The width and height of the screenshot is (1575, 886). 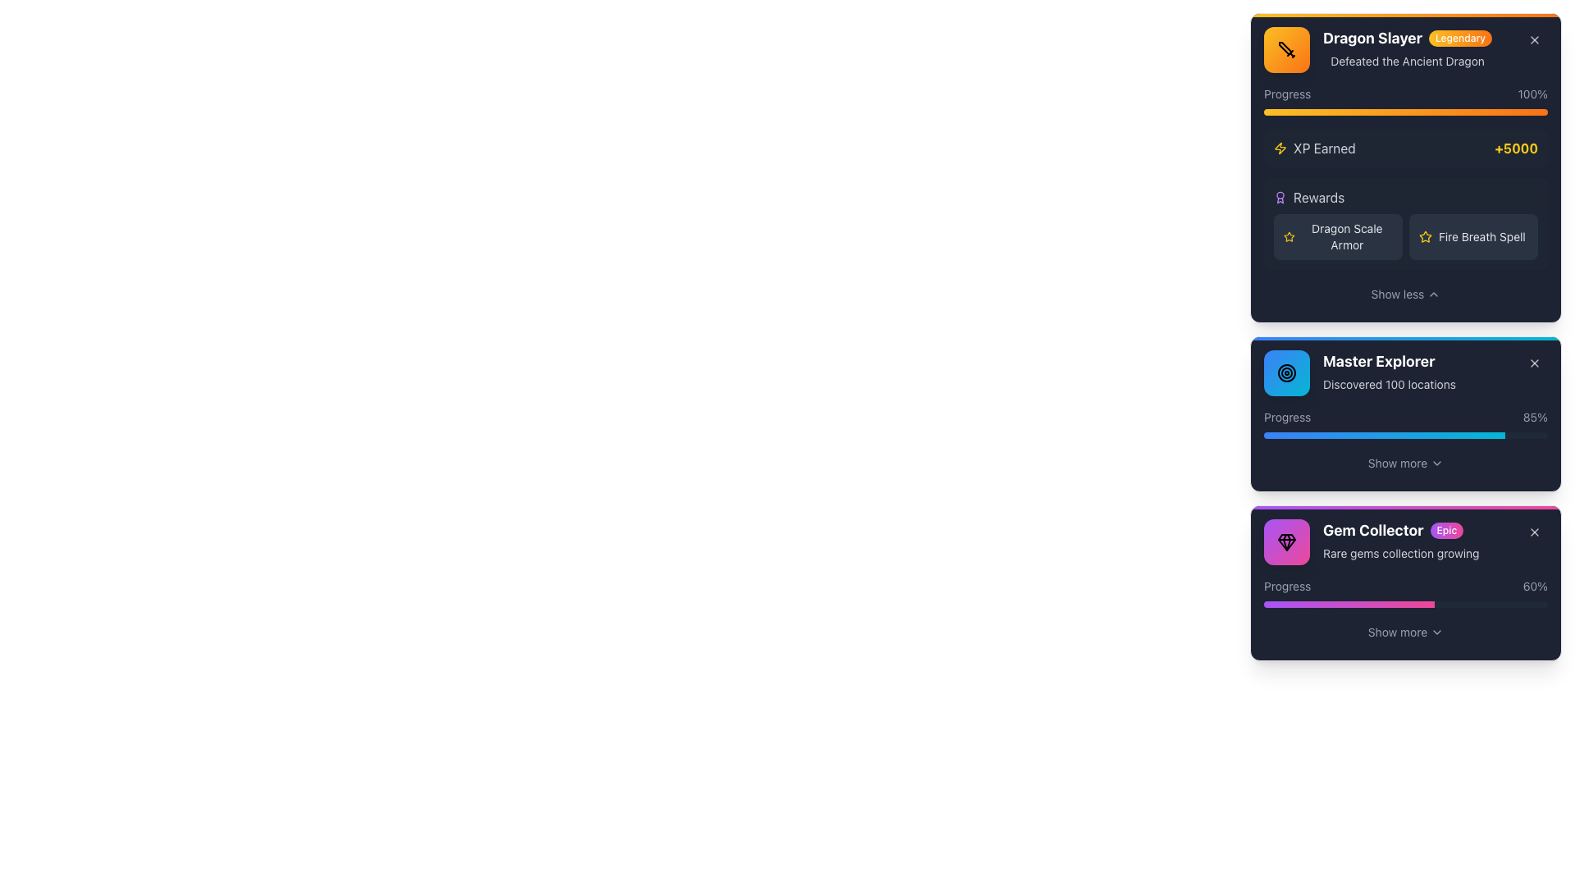 What do you see at coordinates (1404, 632) in the screenshot?
I see `the expandable button below the progress bar within the 'Gem Collector' card` at bounding box center [1404, 632].